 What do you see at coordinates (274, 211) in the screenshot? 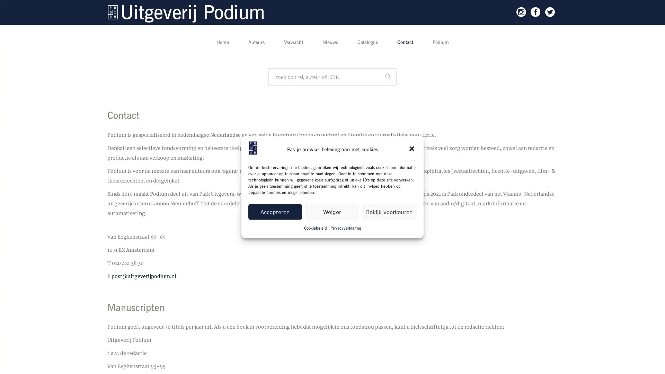
I see `Accepteren` at bounding box center [274, 211].